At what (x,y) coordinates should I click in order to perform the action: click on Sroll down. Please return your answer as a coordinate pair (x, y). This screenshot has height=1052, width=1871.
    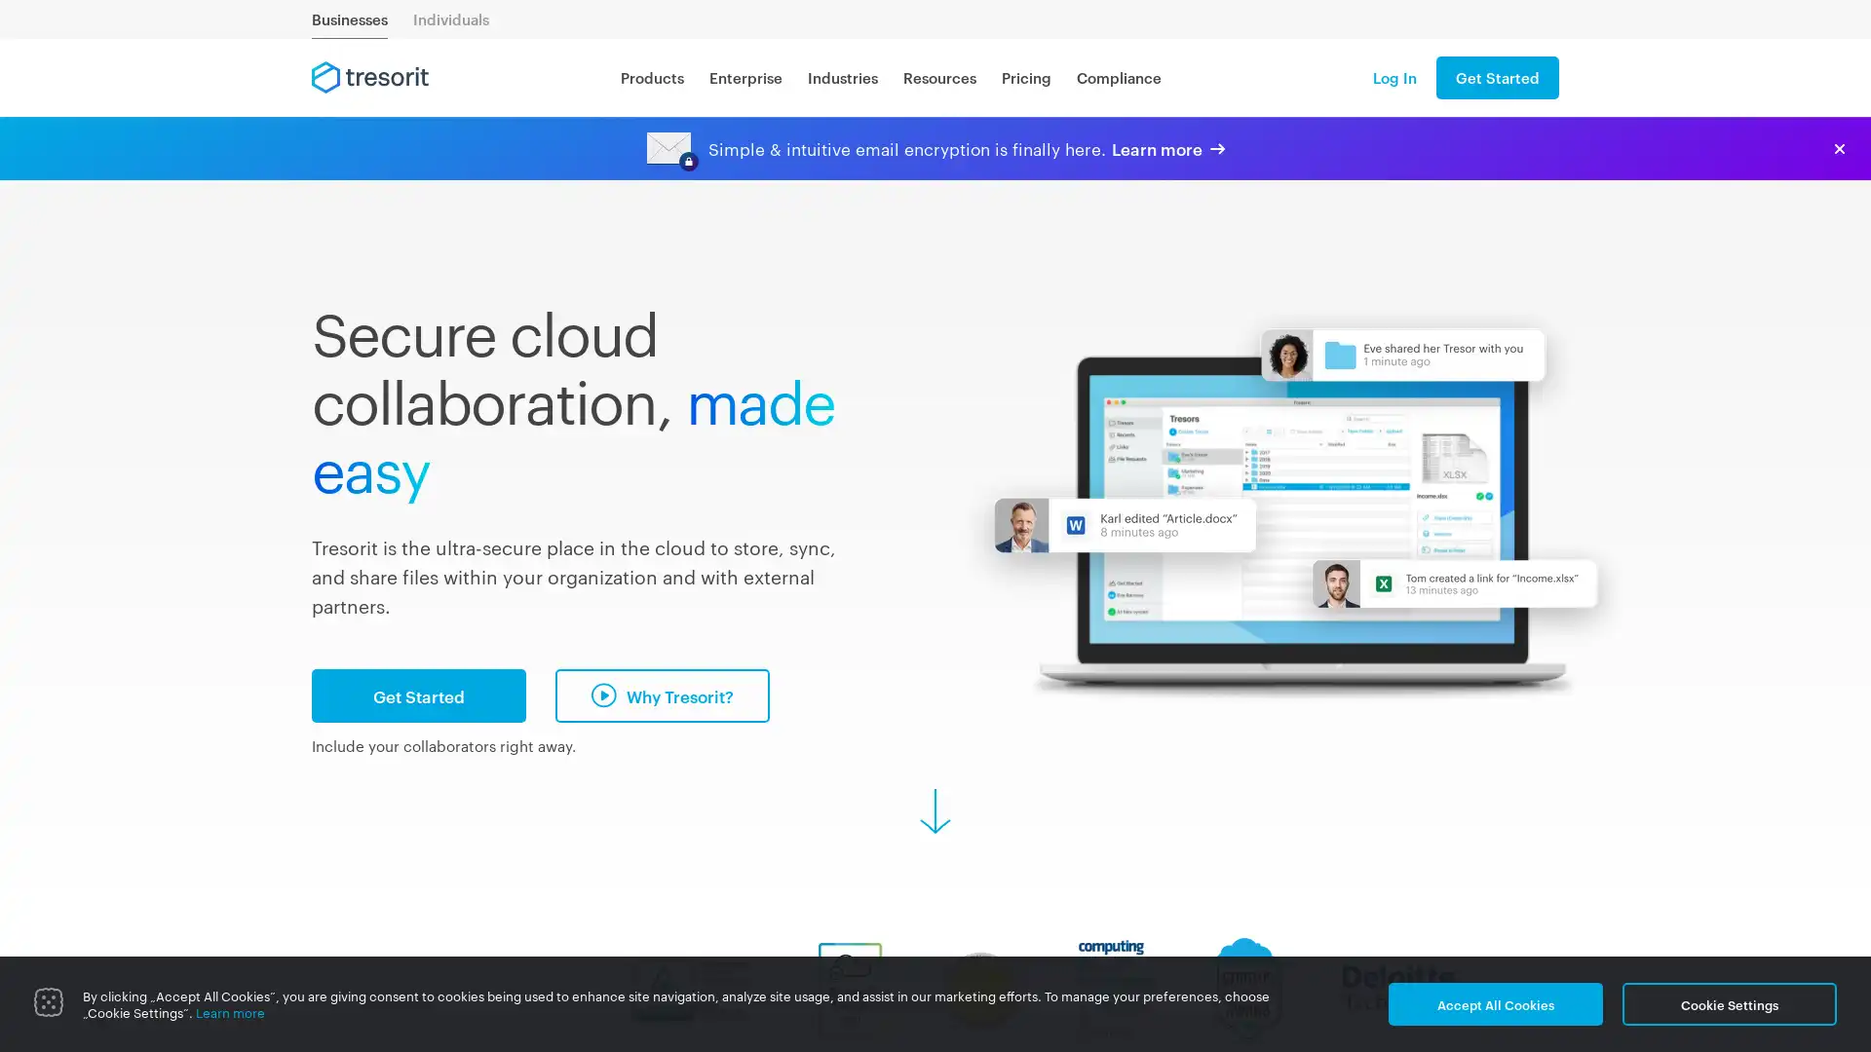
    Looking at the image, I should click on (935, 811).